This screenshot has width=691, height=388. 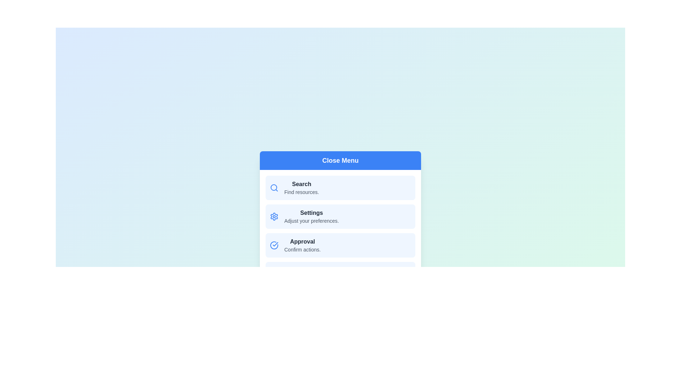 What do you see at coordinates (340, 160) in the screenshot?
I see `the 'Close Menu' button to toggle the menu visibility` at bounding box center [340, 160].